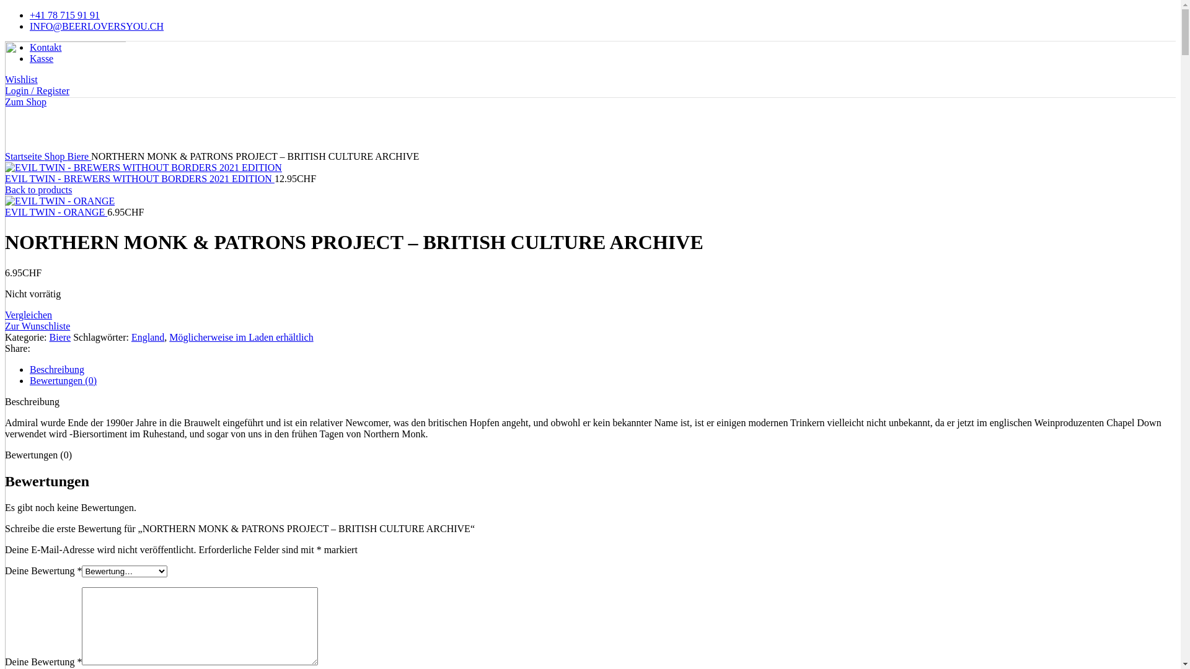 The width and height of the screenshot is (1190, 669). I want to click on 'Bewertungen (0)', so click(62, 380).